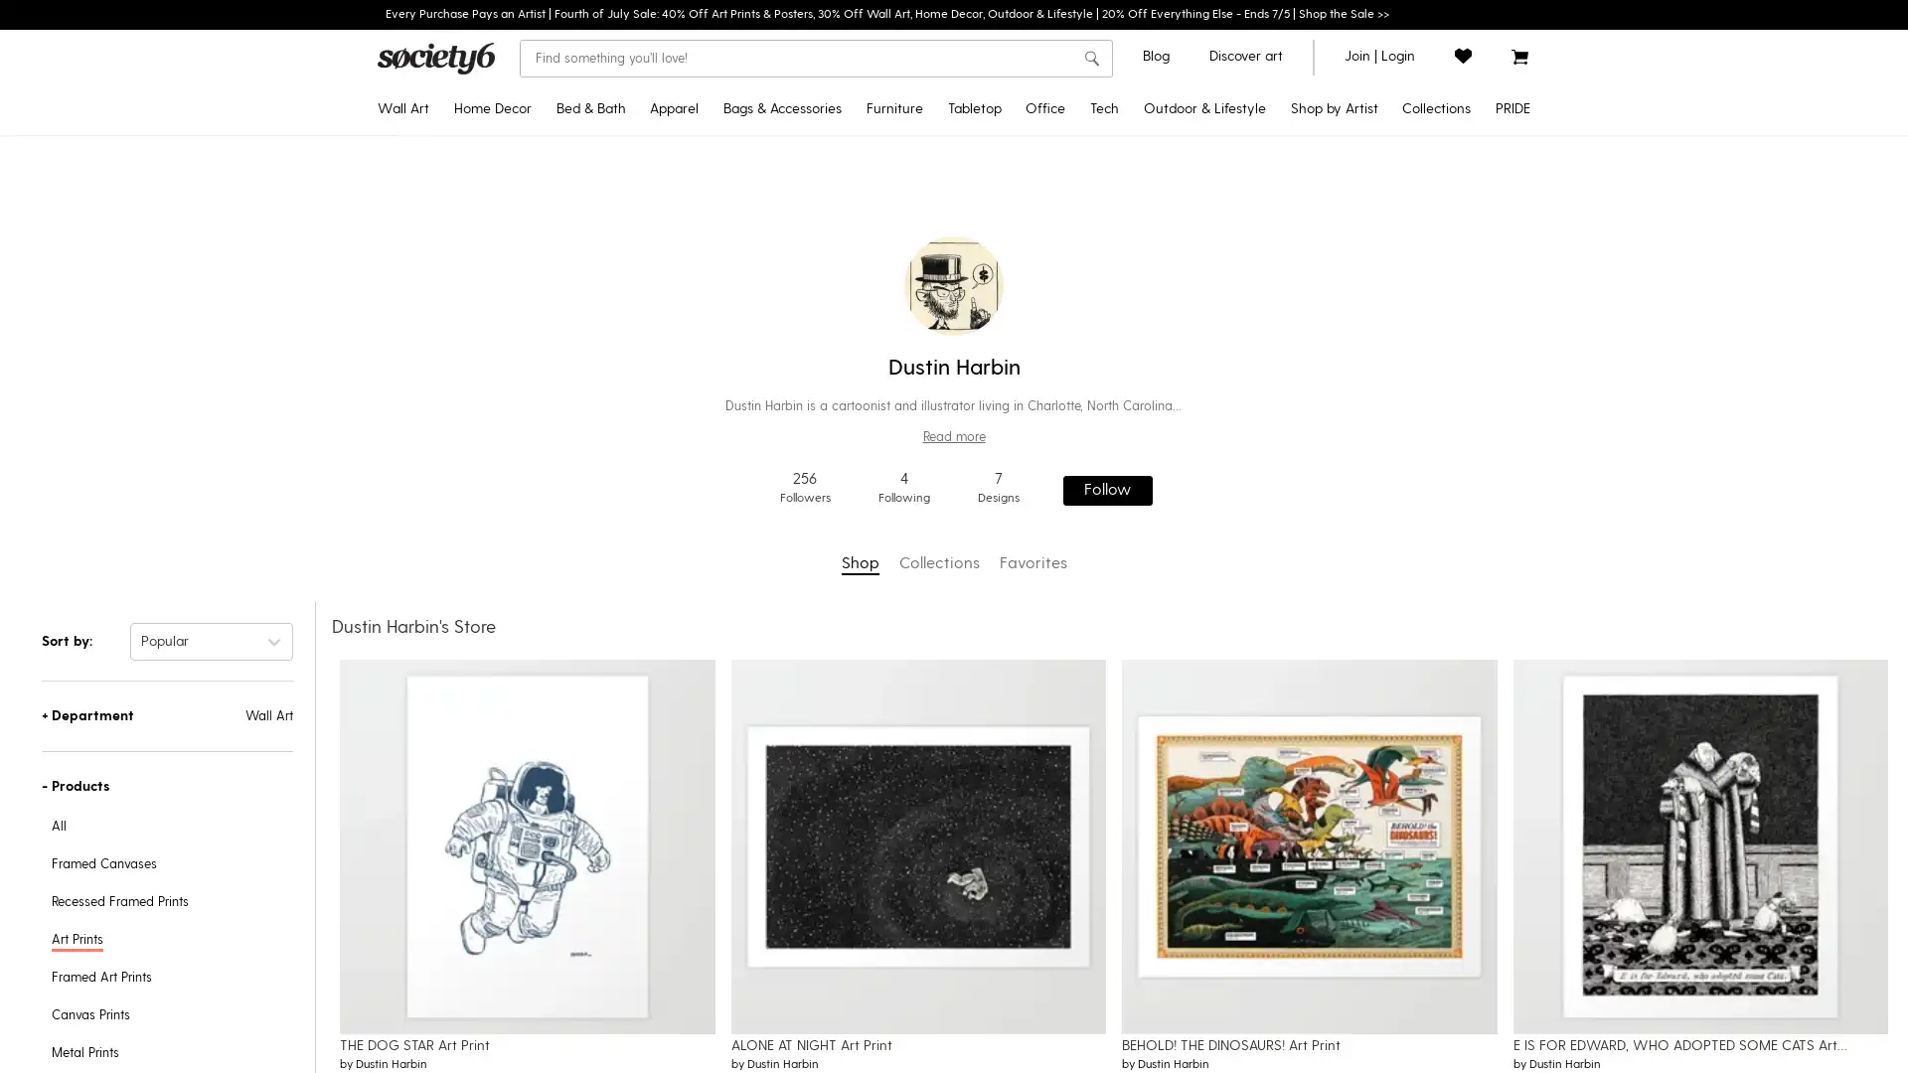  What do you see at coordinates (1433, 191) in the screenshot?
I see `Discover LGBTQIA+ Artists` at bounding box center [1433, 191].